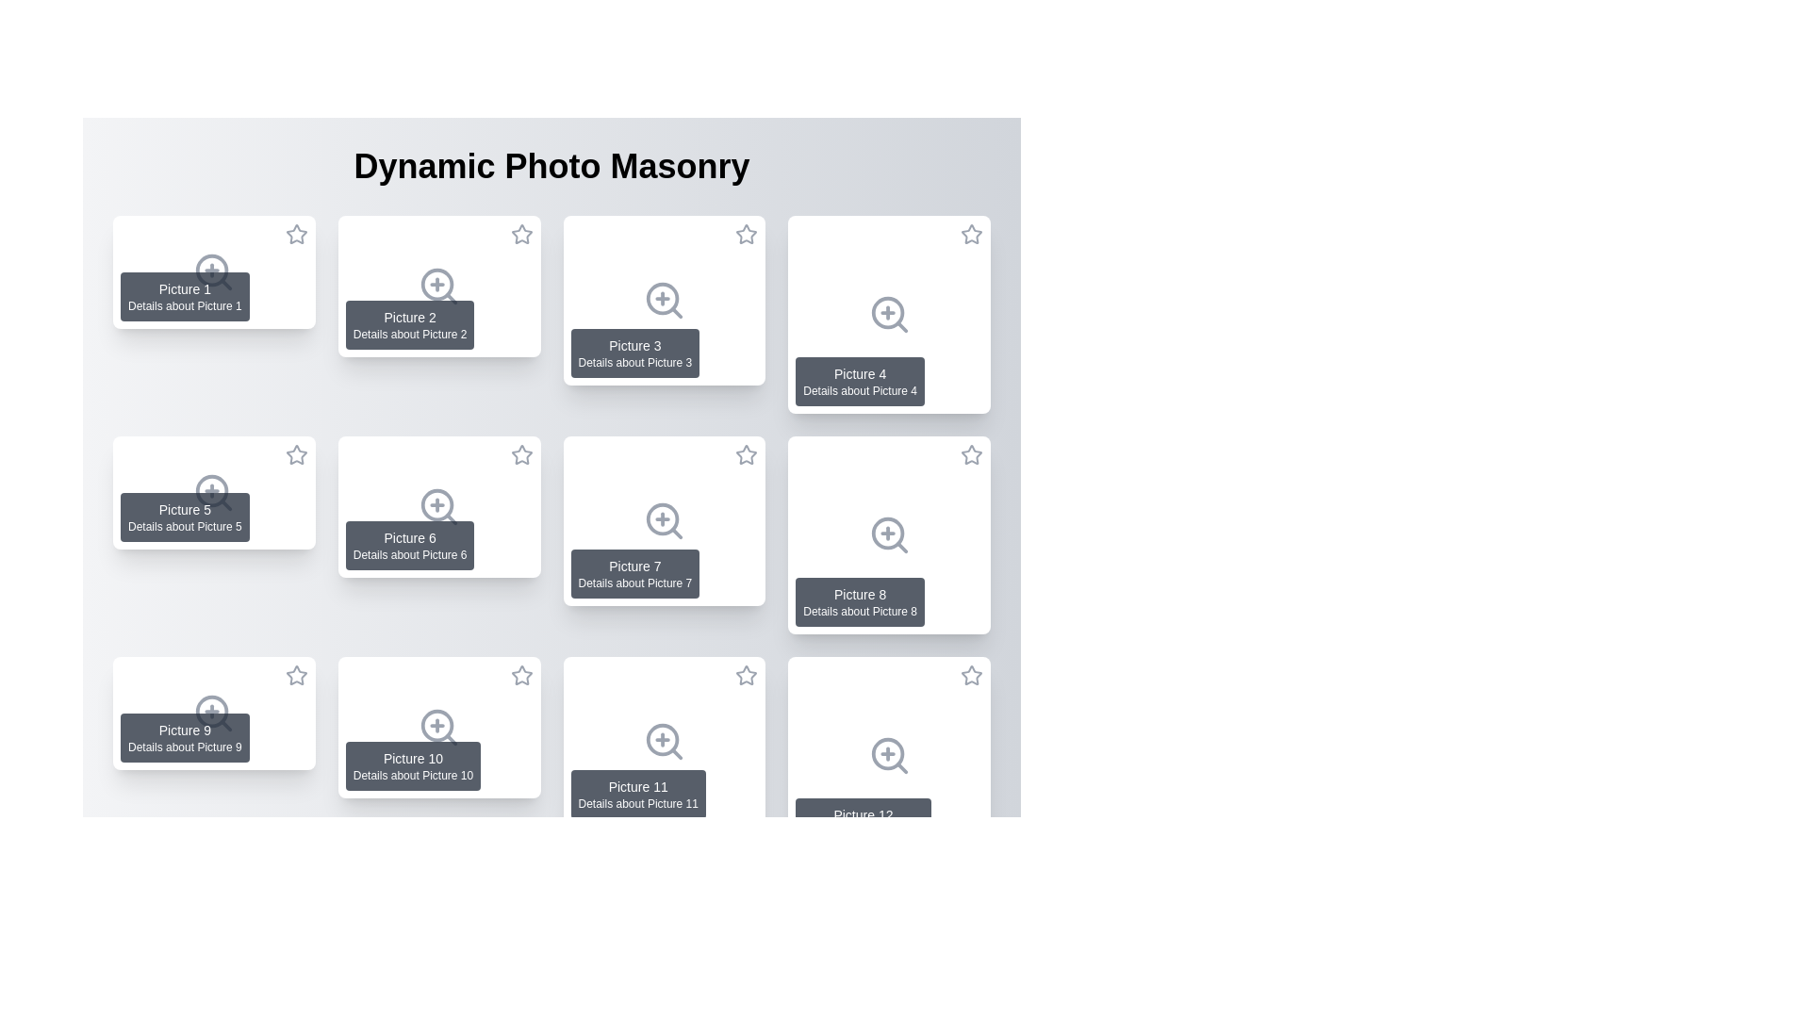 This screenshot has width=1810, height=1018. What do you see at coordinates (746, 233) in the screenshot?
I see `the interactive icon in the top-right corner of the 'Picture 3' box in the photo grid` at bounding box center [746, 233].